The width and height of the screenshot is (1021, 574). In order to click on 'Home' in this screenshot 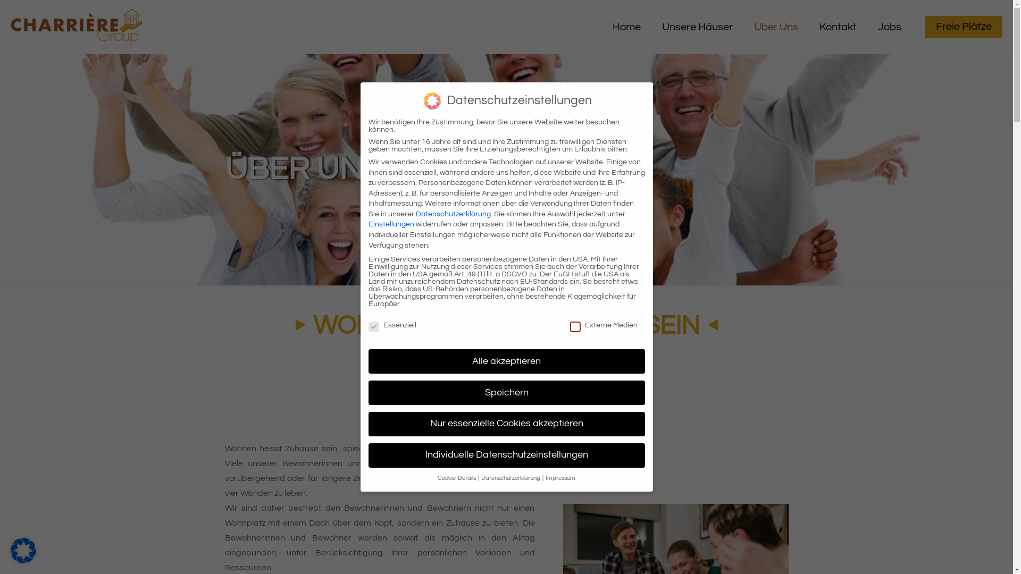, I will do `click(626, 26)`.